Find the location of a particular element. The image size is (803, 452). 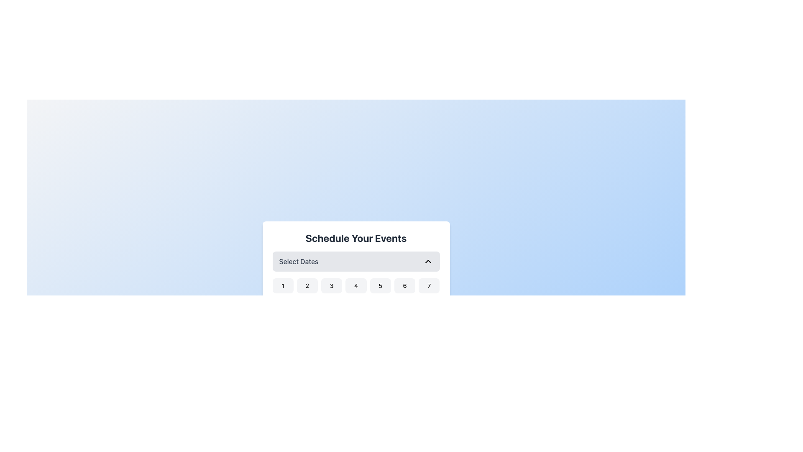

the button labeled '7' which is a rectangular button with rounded corners and a soft gray background, located in the first row and seventh column of the grid layout is located at coordinates (429, 285).